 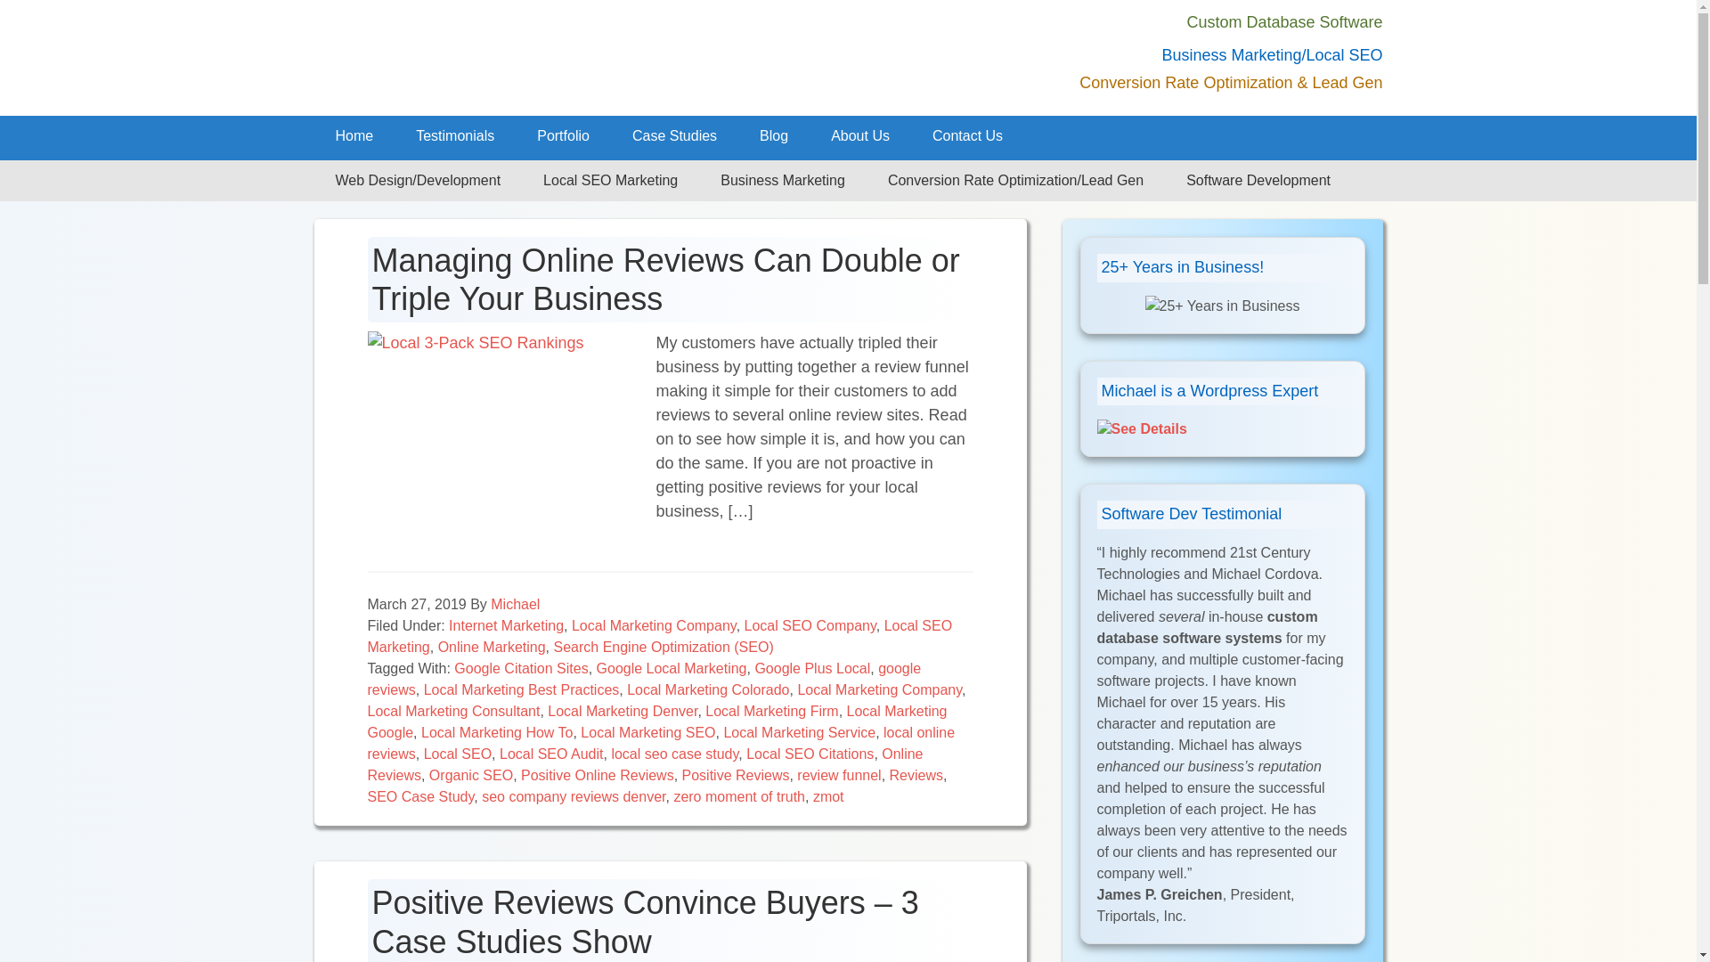 I want to click on 'Local Marketing SEO', so click(x=647, y=732).